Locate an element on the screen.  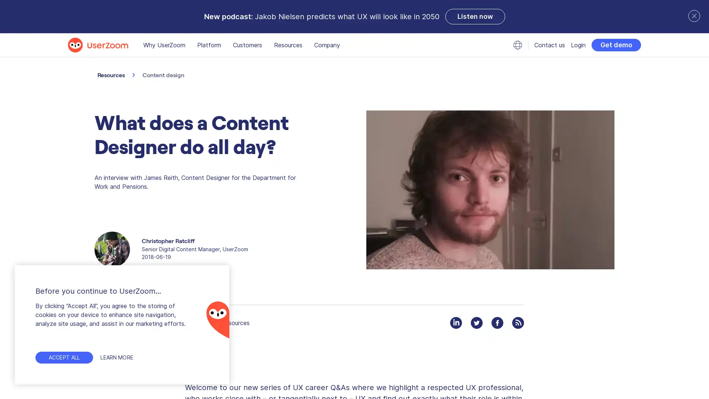
Customers is located at coordinates (247, 45).